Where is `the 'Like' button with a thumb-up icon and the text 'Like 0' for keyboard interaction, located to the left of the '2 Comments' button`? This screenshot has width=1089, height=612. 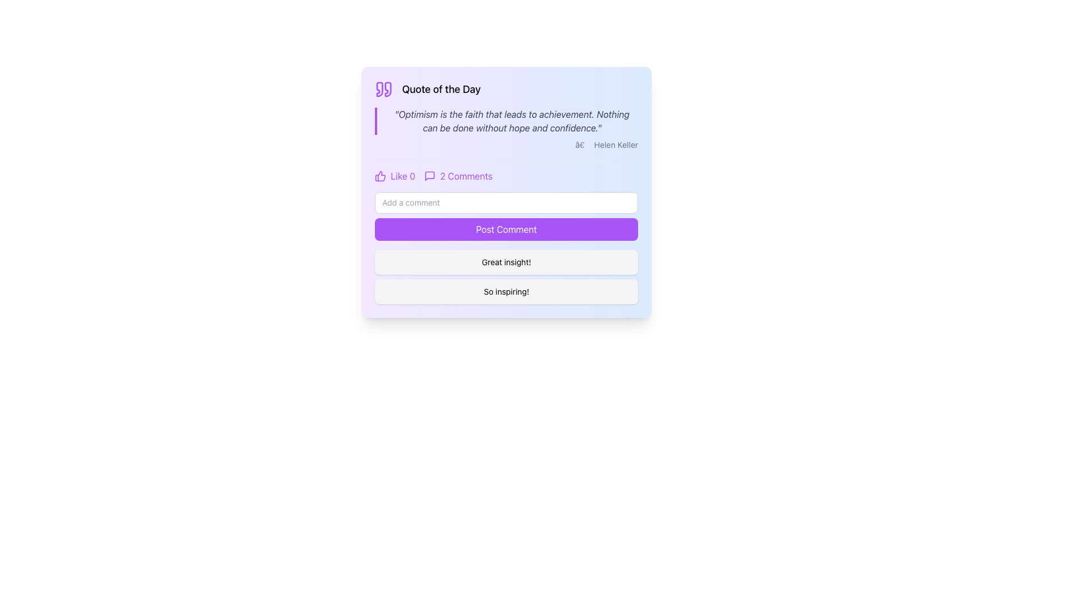 the 'Like' button with a thumb-up icon and the text 'Like 0' for keyboard interaction, located to the left of the '2 Comments' button is located at coordinates (395, 176).